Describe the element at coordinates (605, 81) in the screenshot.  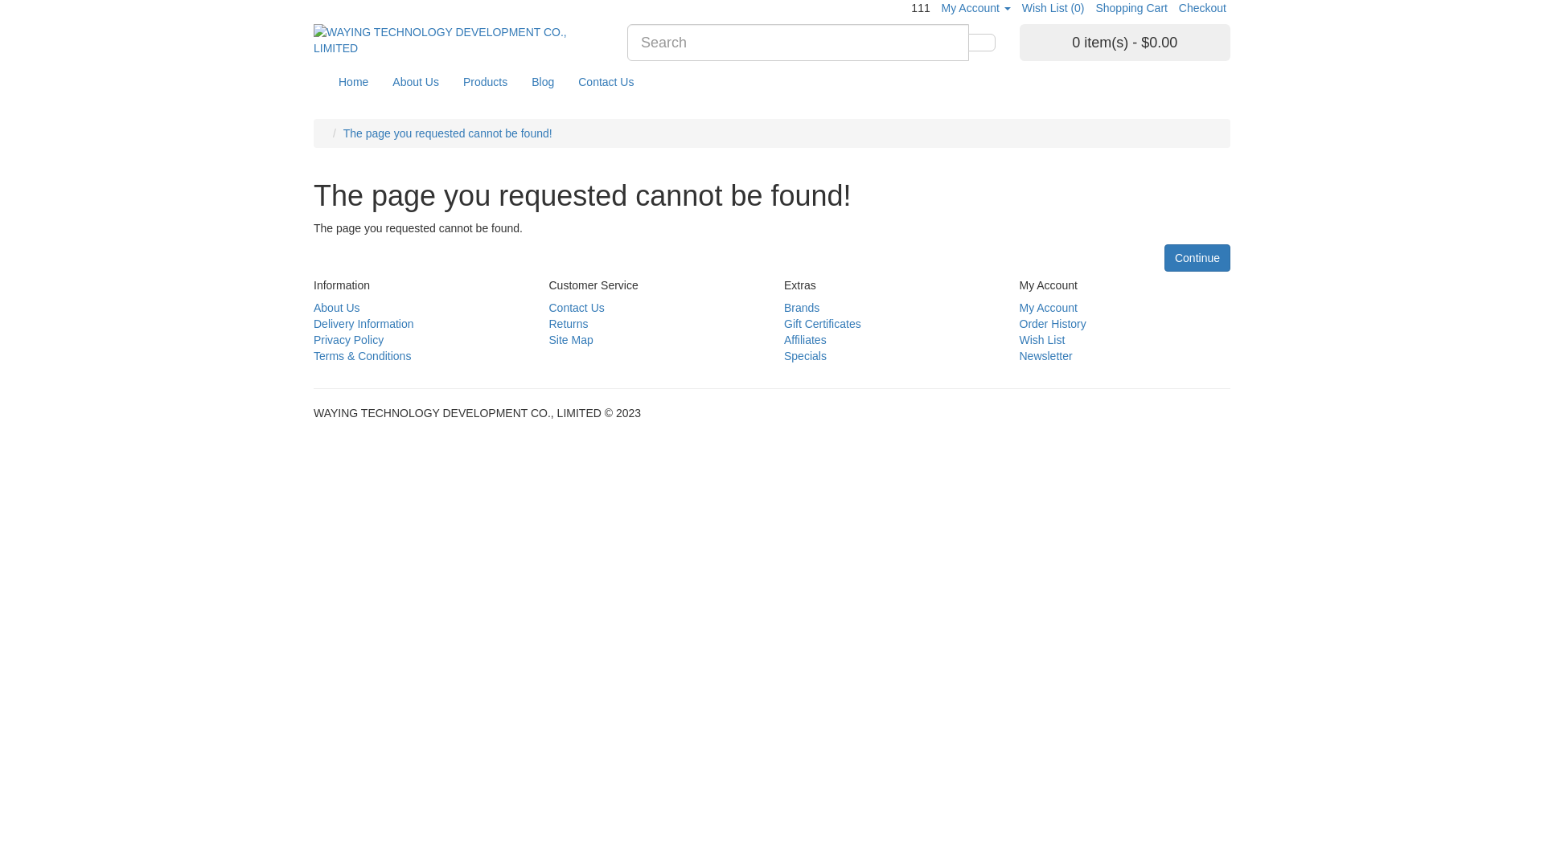
I see `'Contact Us'` at that location.